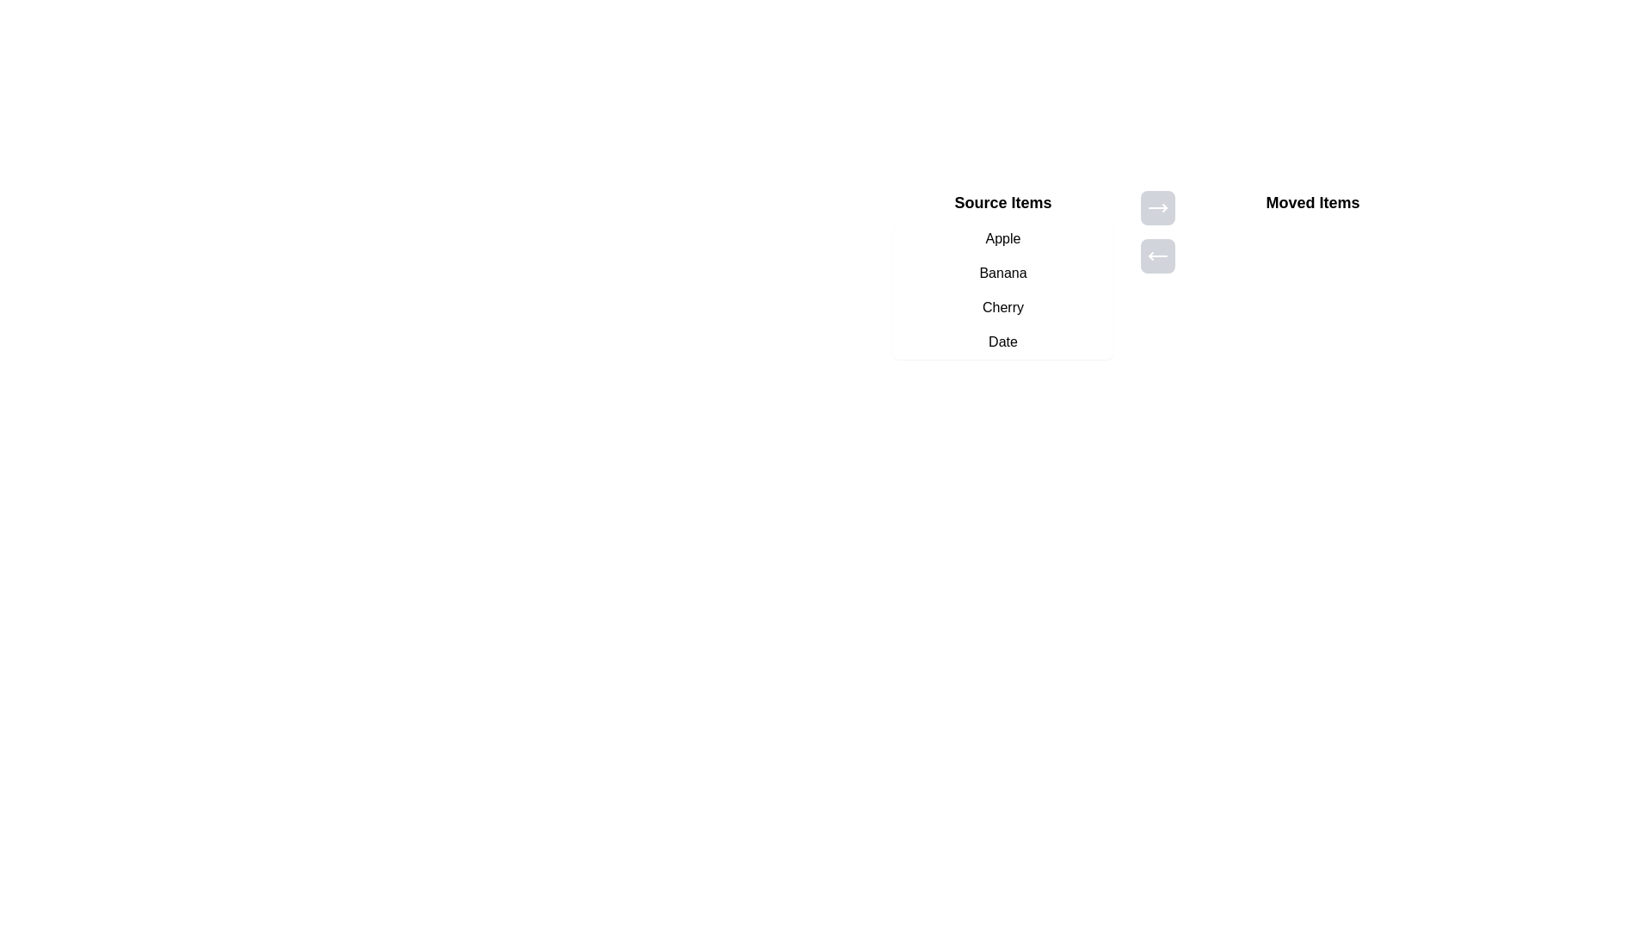 Image resolution: width=1652 pixels, height=929 pixels. What do you see at coordinates (1157, 255) in the screenshot?
I see `the move-left action button, which is centrally aligned and serves to move selected items back to the 'Source Items' box` at bounding box center [1157, 255].